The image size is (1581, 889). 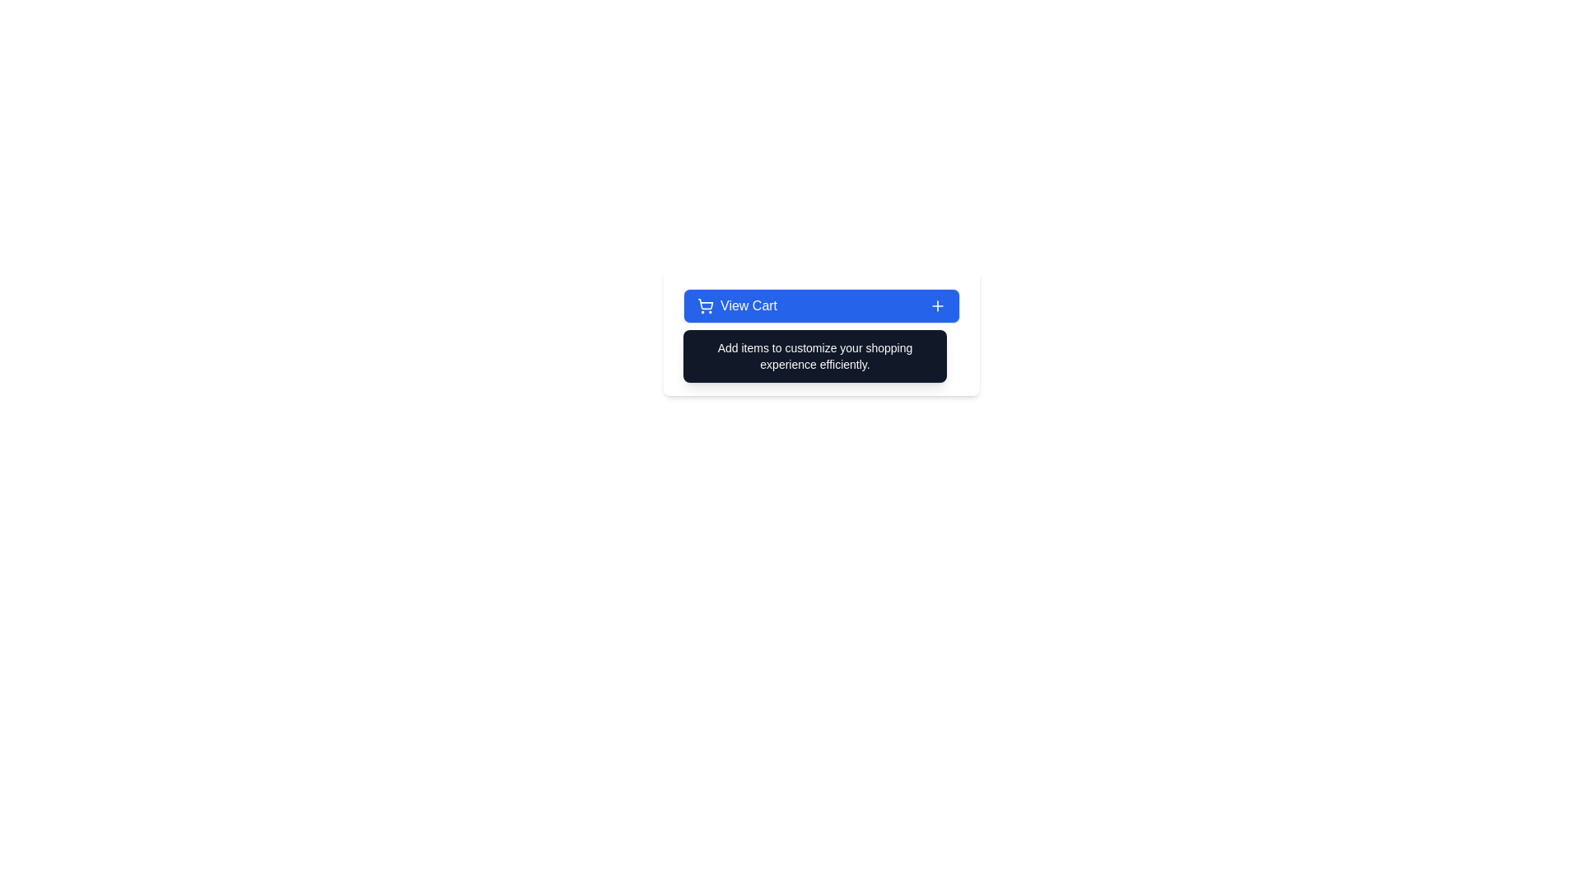 I want to click on the icon located at the extreme right side of the 'View Cart' button, so click(x=937, y=305).